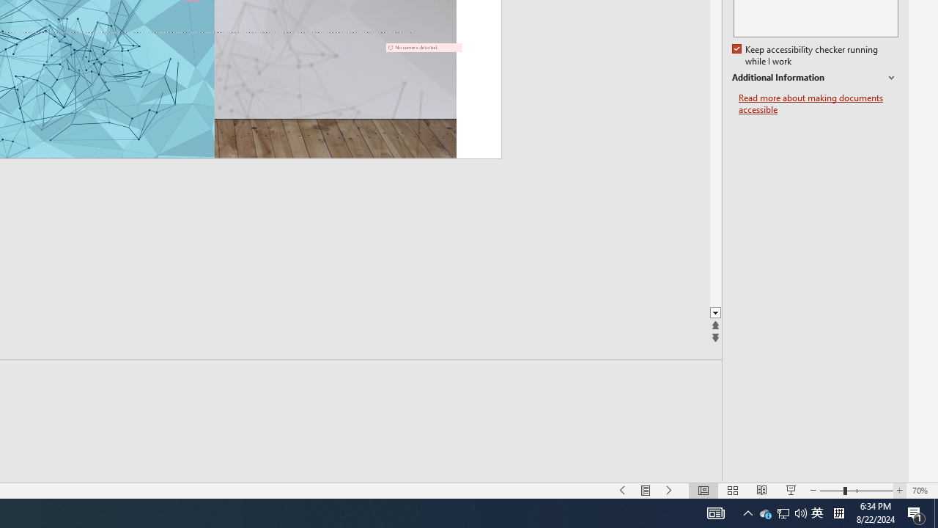 This screenshot has width=938, height=528. What do you see at coordinates (623, 491) in the screenshot?
I see `'Slide Show Previous On'` at bounding box center [623, 491].